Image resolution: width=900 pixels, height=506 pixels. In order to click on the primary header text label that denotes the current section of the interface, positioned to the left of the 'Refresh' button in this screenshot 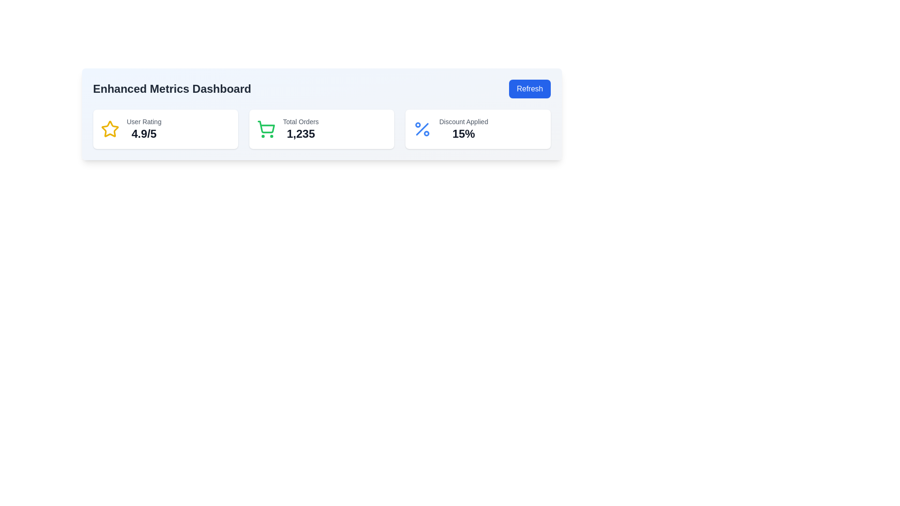, I will do `click(172, 89)`.